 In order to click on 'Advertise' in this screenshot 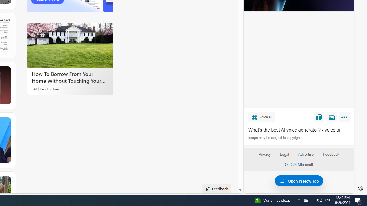, I will do `click(305, 154)`.